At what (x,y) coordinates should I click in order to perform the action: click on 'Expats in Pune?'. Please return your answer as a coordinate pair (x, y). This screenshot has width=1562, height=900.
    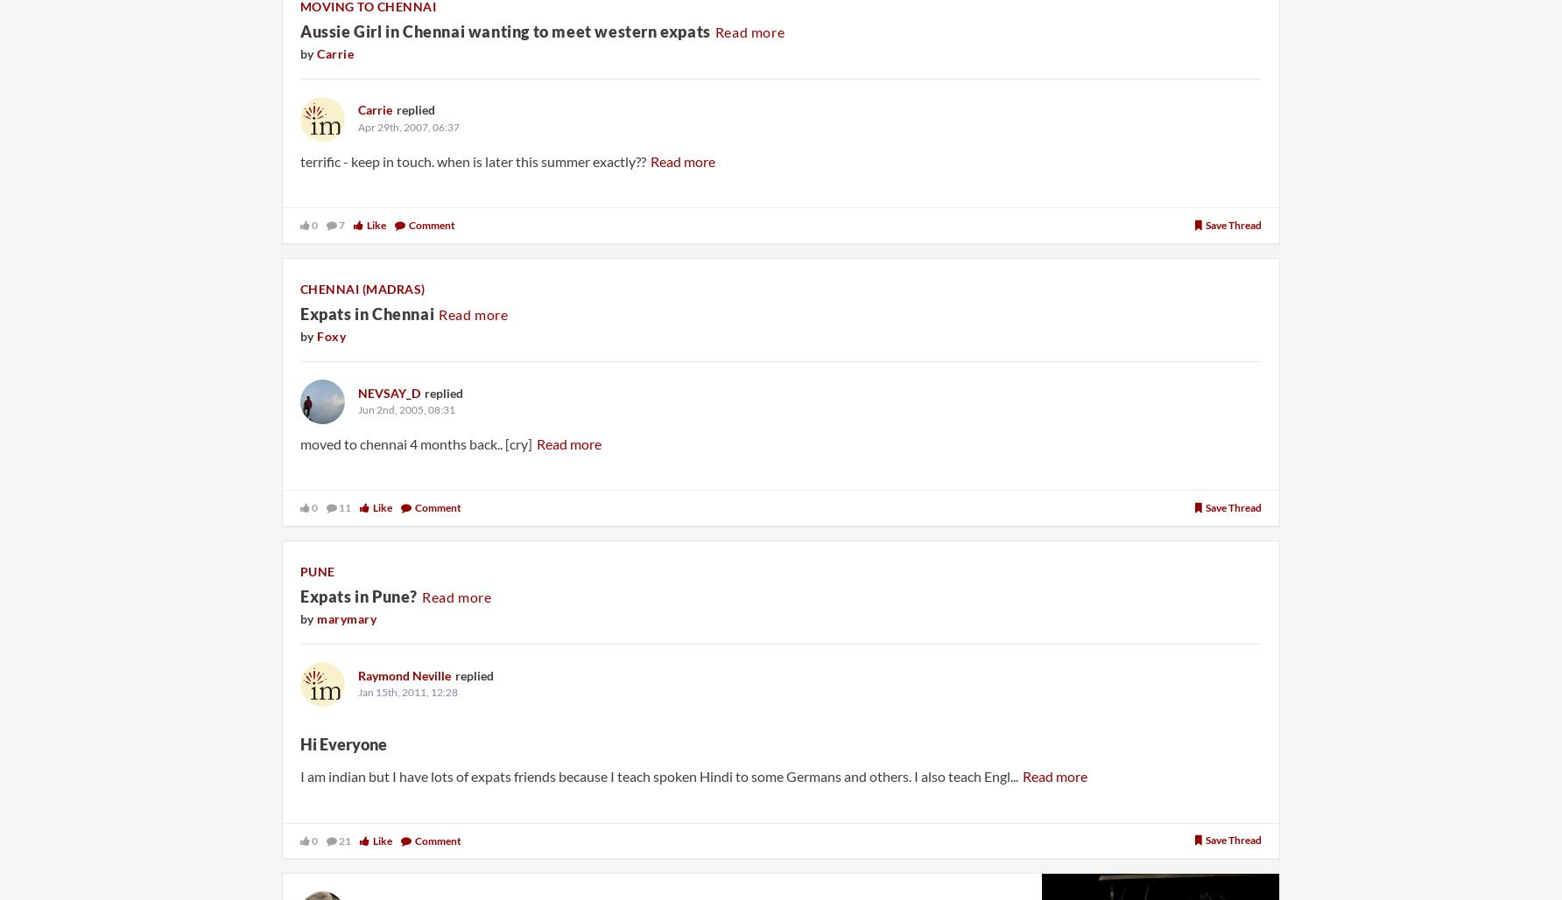
    Looking at the image, I should click on (357, 594).